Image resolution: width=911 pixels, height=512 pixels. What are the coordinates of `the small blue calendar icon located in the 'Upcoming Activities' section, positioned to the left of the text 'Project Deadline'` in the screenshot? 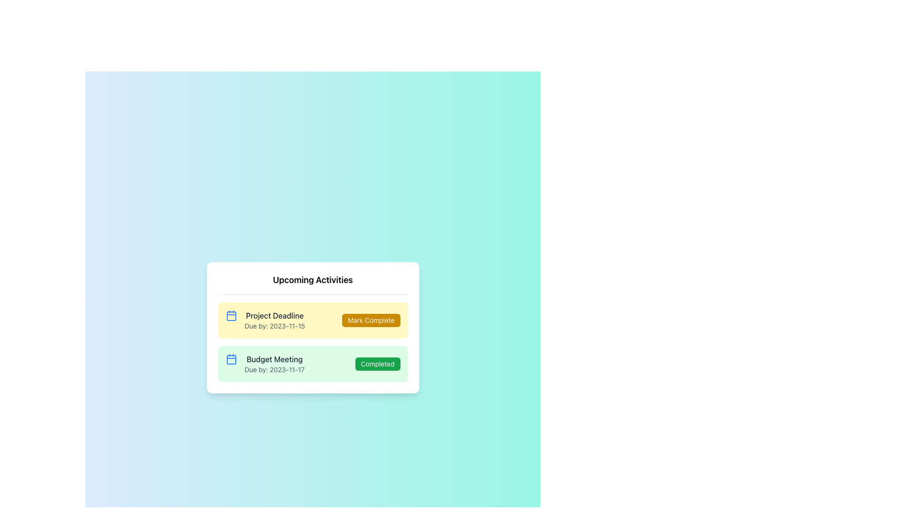 It's located at (231, 315).